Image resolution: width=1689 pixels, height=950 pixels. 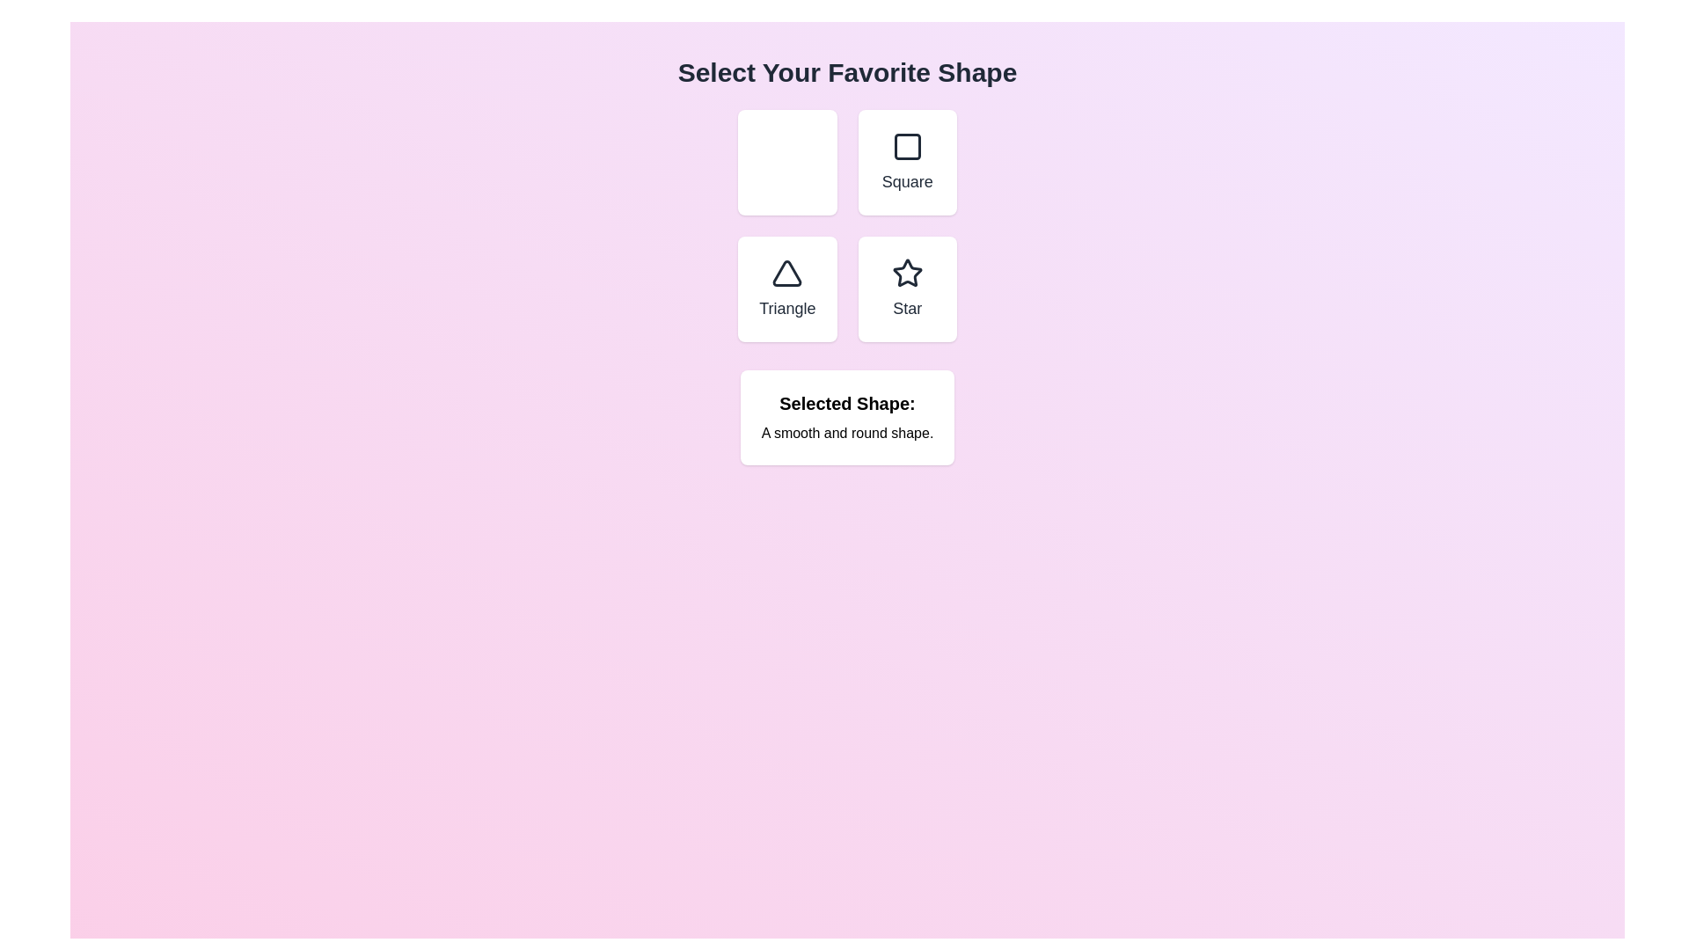 I want to click on the button labeled Triangle to observe its hover effect, so click(x=786, y=288).